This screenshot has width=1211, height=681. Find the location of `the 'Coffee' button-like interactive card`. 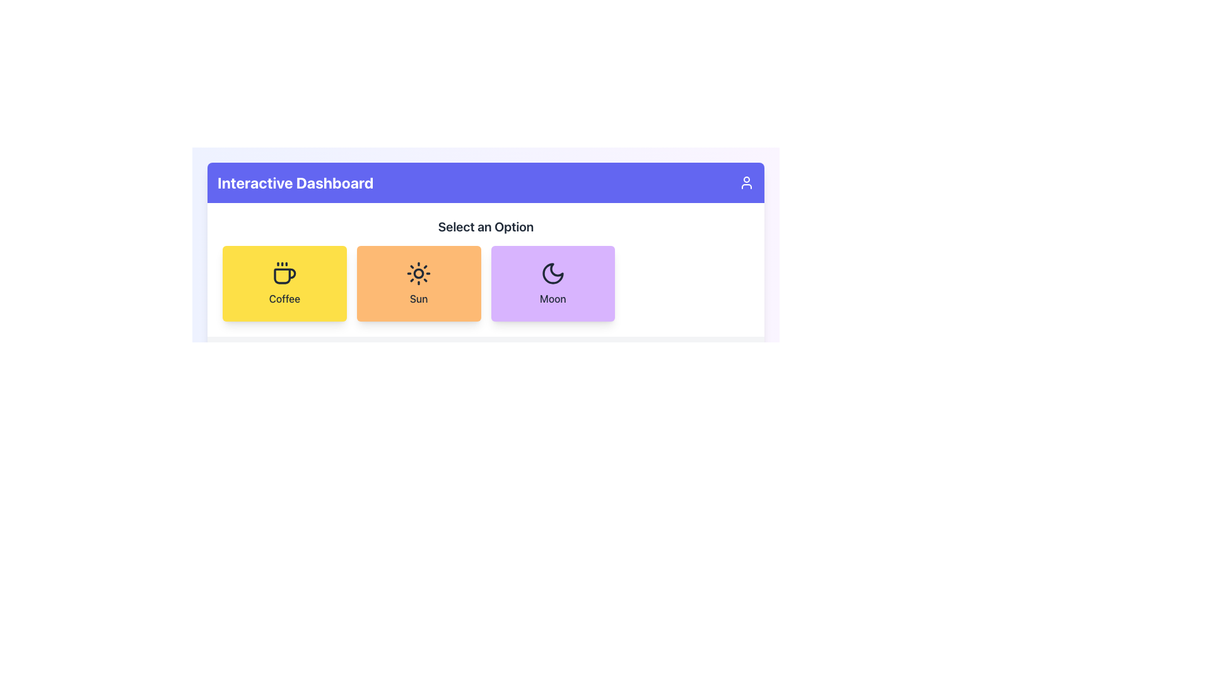

the 'Coffee' button-like interactive card is located at coordinates (284, 284).